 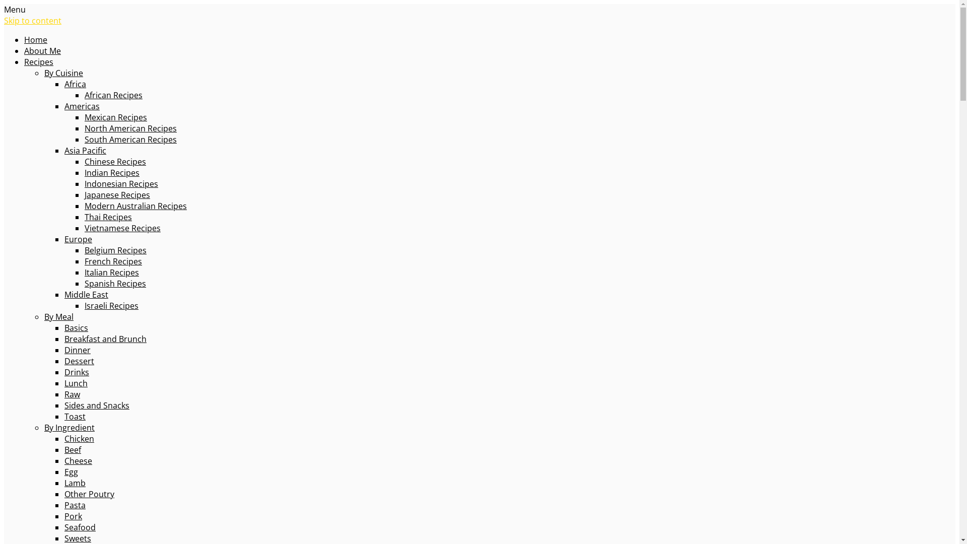 What do you see at coordinates (130, 140) in the screenshot?
I see `'South American Recipes'` at bounding box center [130, 140].